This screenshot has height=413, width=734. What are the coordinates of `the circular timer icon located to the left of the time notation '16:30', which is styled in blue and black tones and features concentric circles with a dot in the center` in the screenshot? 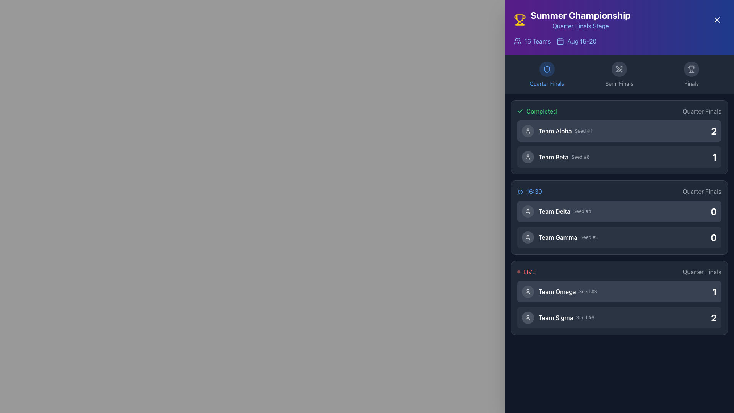 It's located at (520, 191).